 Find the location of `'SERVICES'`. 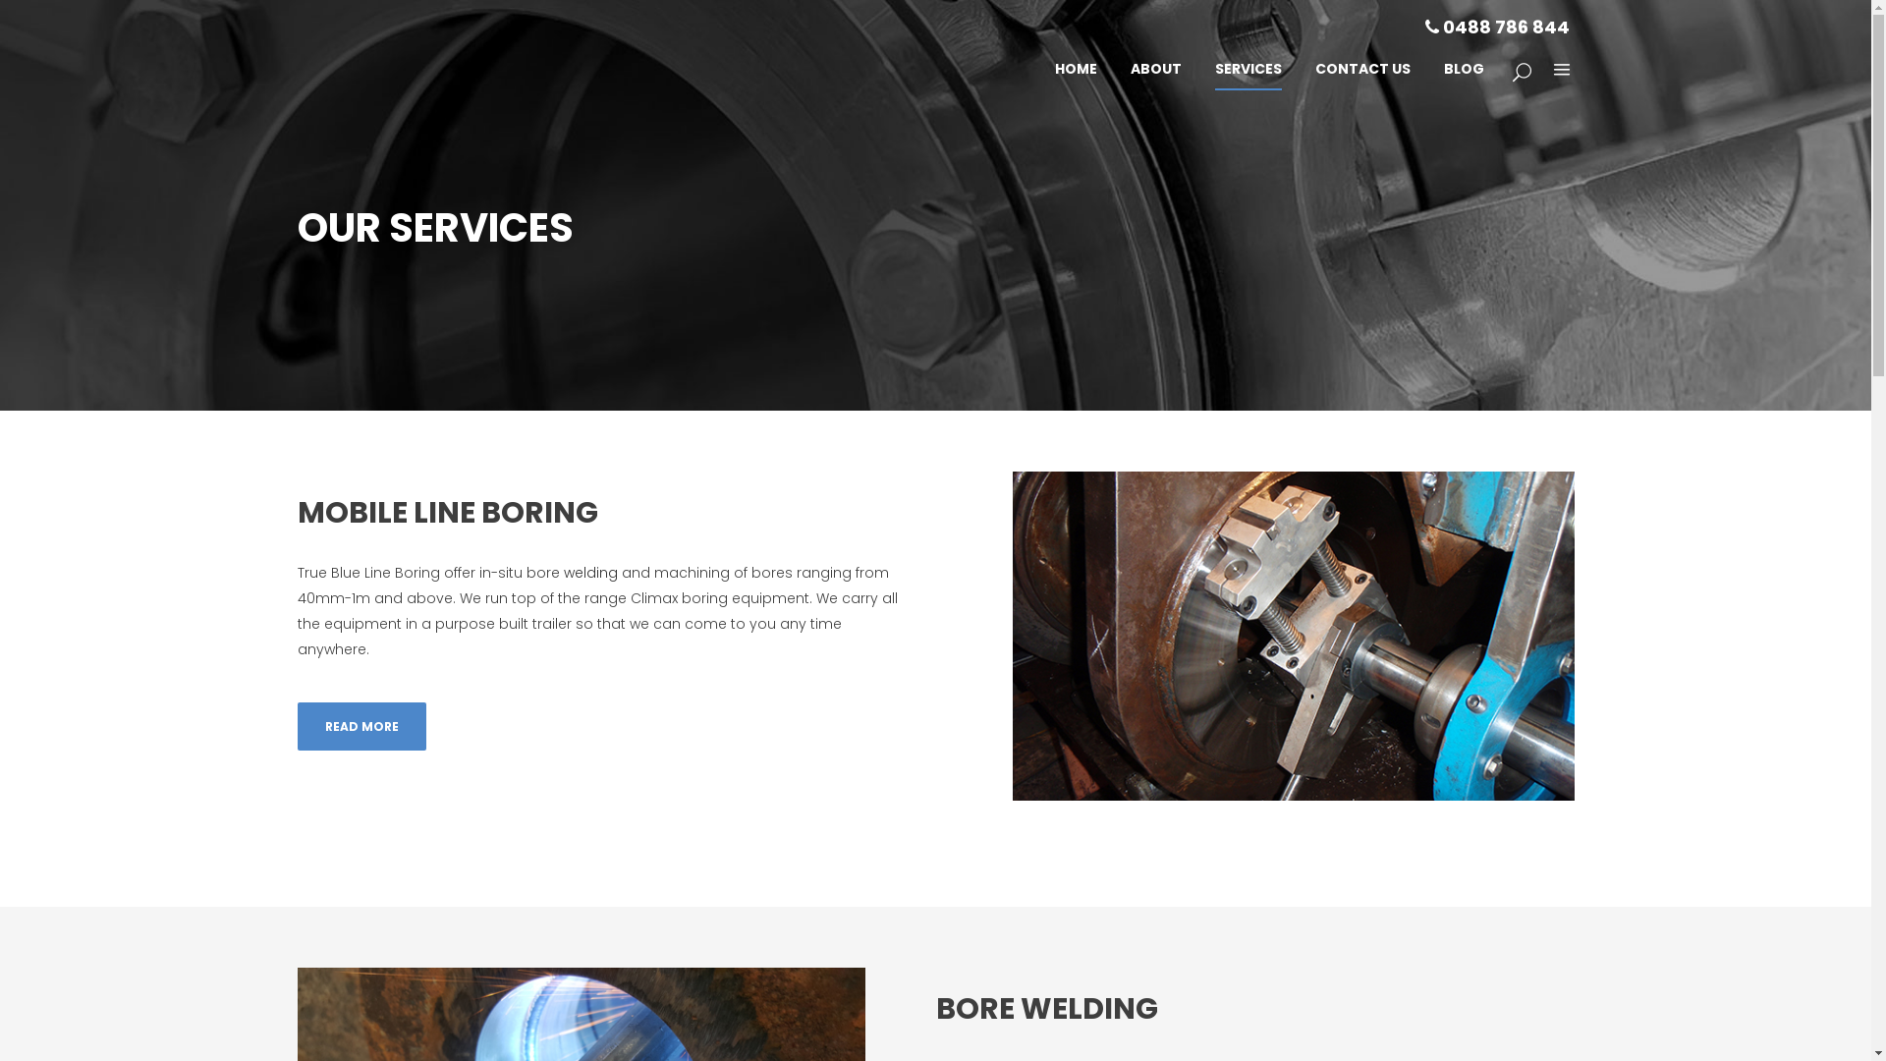

'SERVICES' is located at coordinates (1248, 67).